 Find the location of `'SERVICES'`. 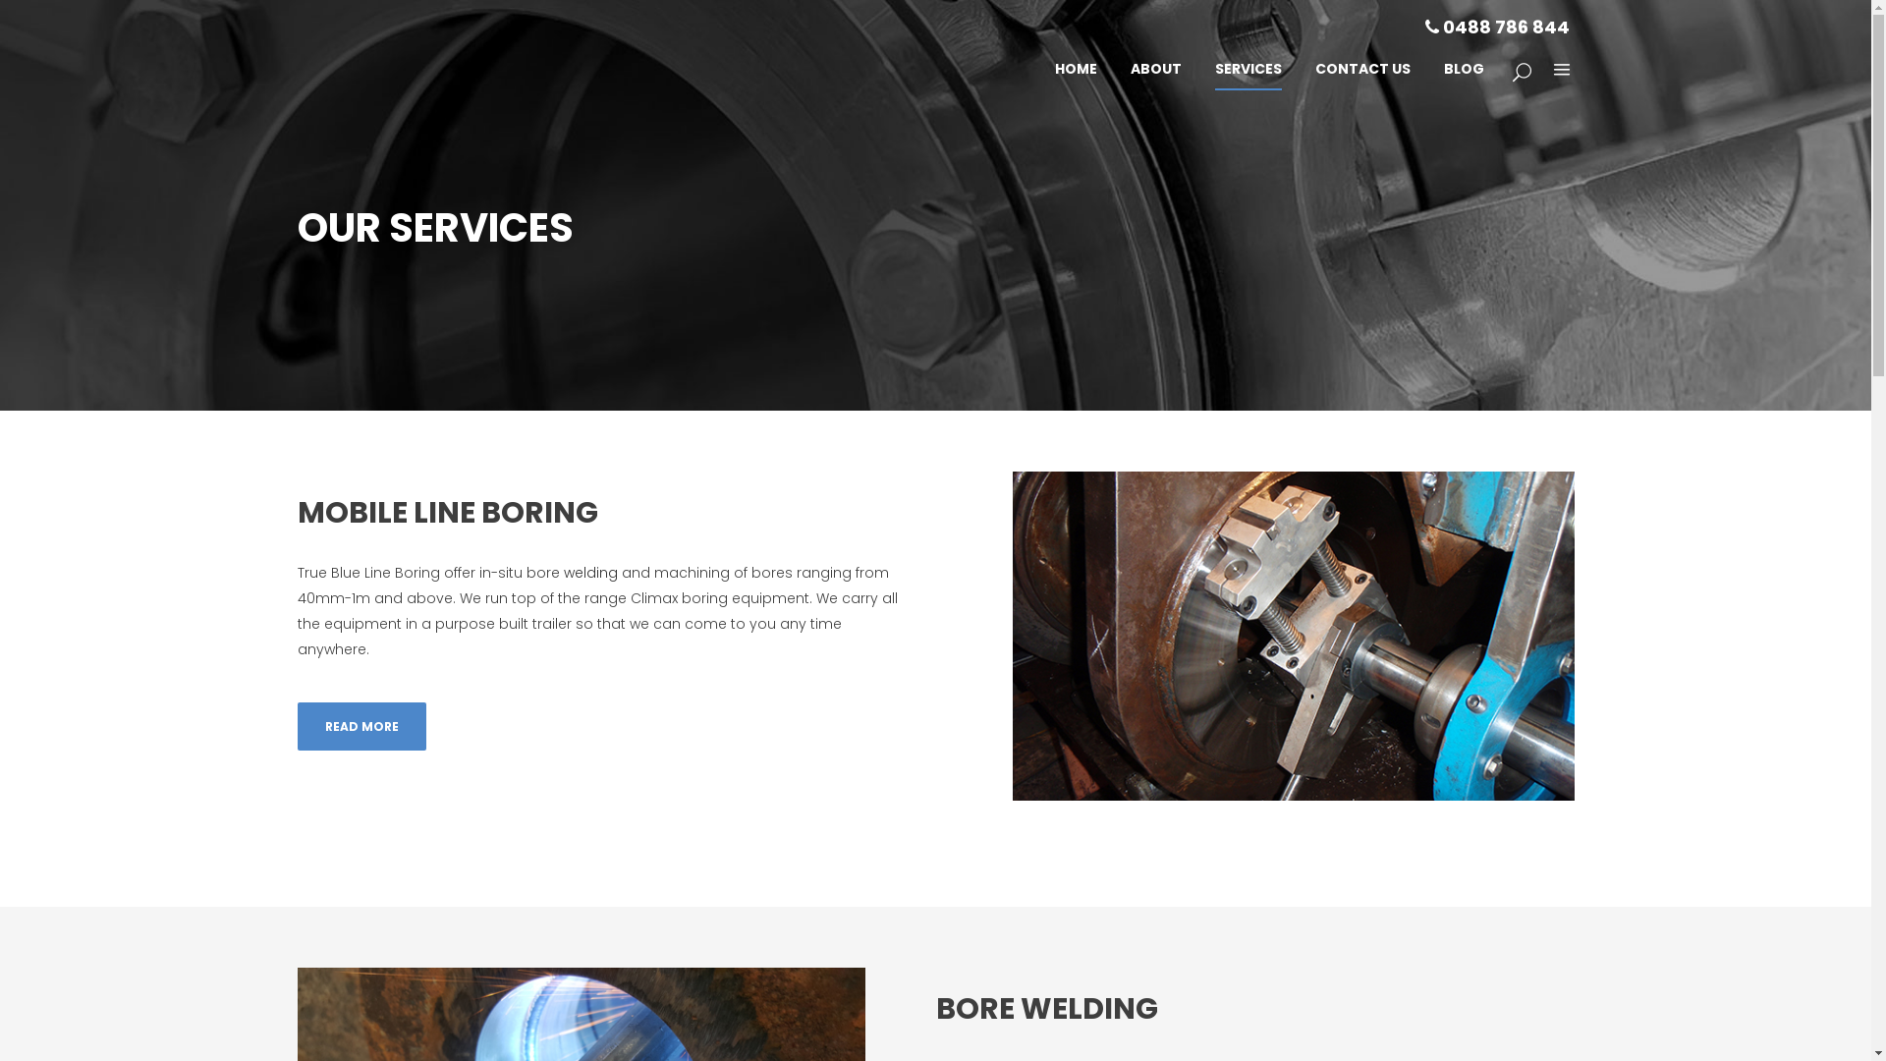

'SERVICES' is located at coordinates (1248, 67).